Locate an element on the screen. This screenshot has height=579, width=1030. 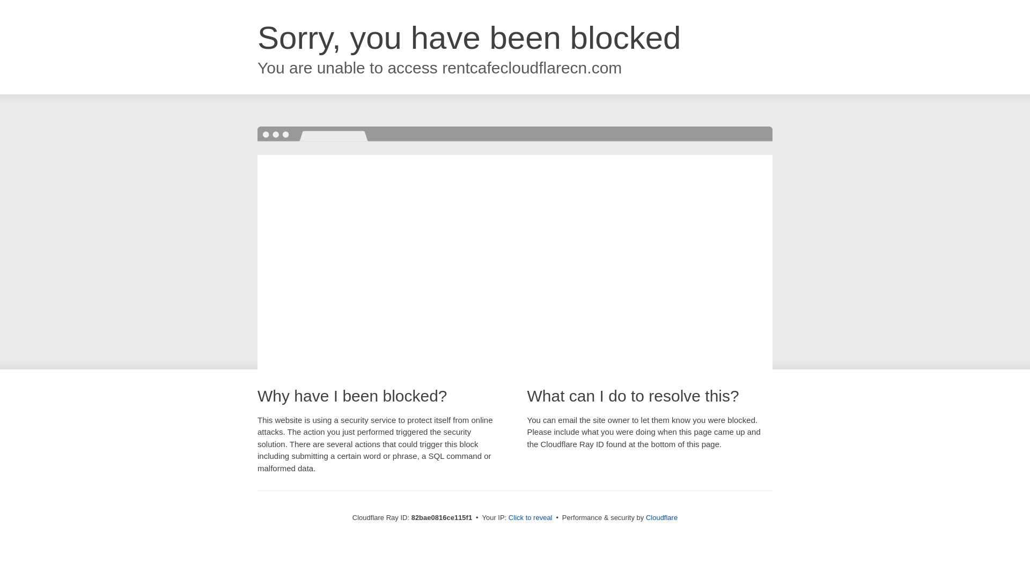
'Cloudflare' is located at coordinates (661, 517).